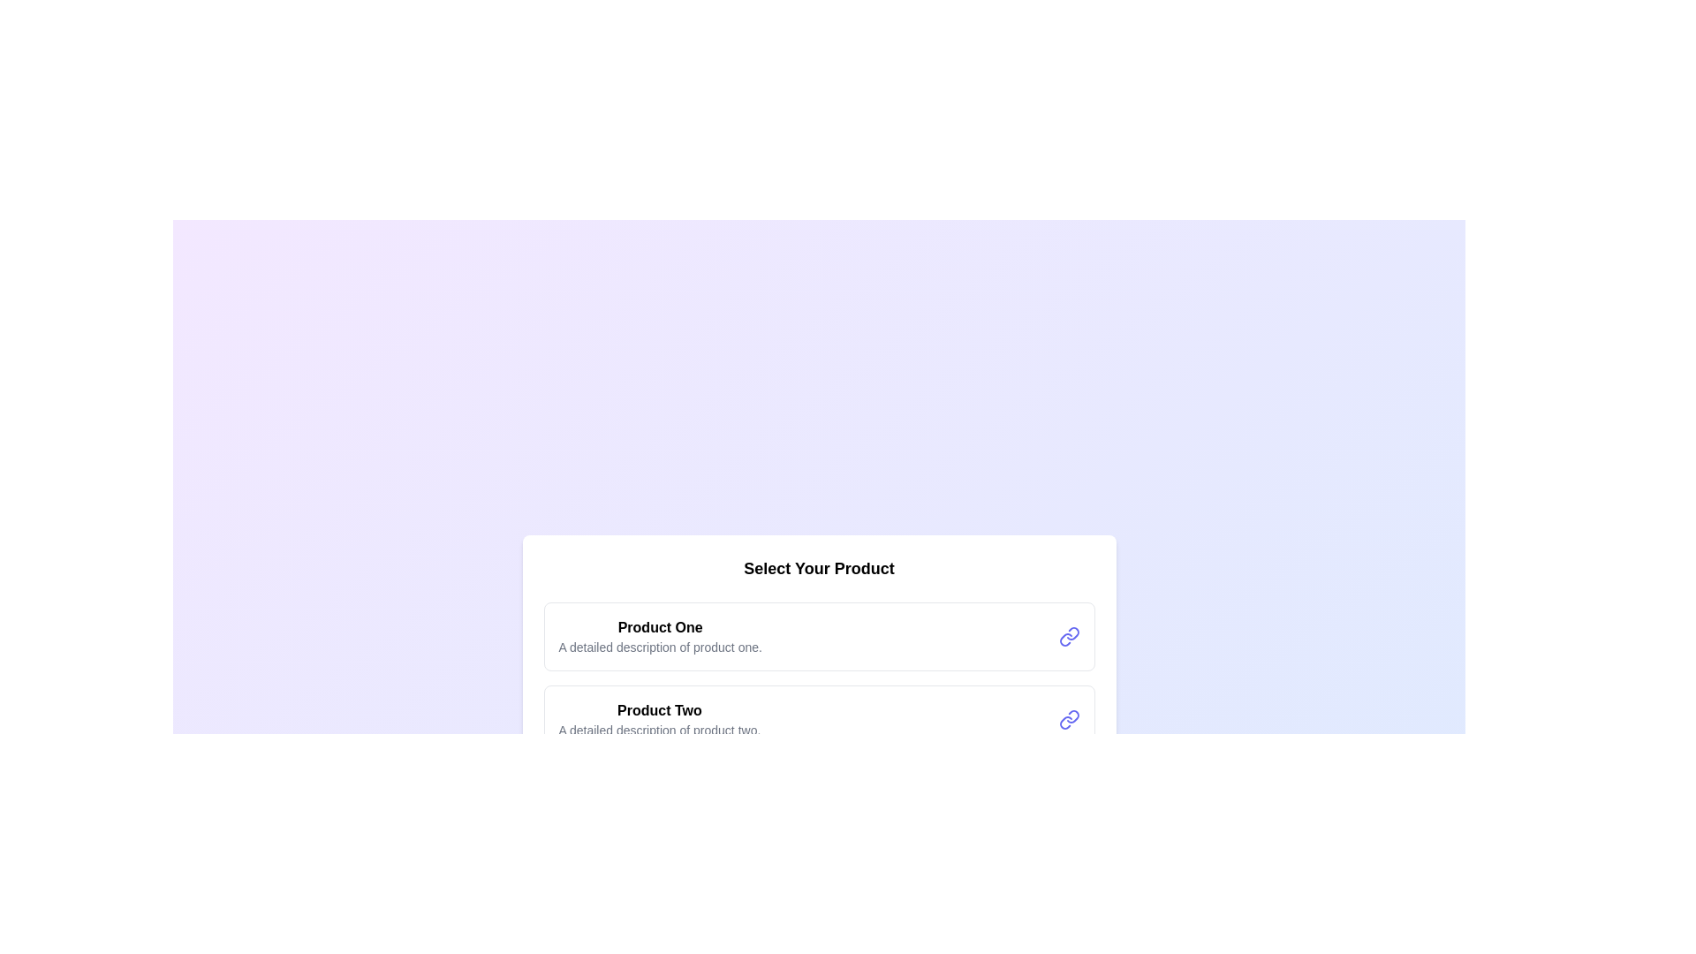 Image resolution: width=1696 pixels, height=954 pixels. I want to click on the first vector graphic component of the 'Details' link block, which represents a link icon for 'Product One', so click(1071, 632).